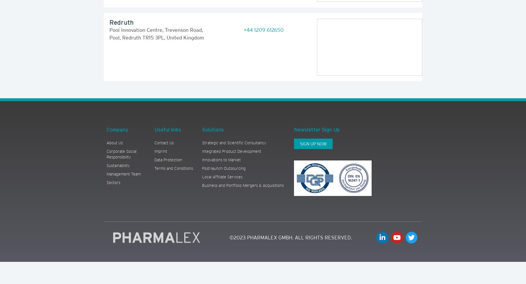  Describe the element at coordinates (312, 144) in the screenshot. I see `'SIGN UP NOW'` at that location.